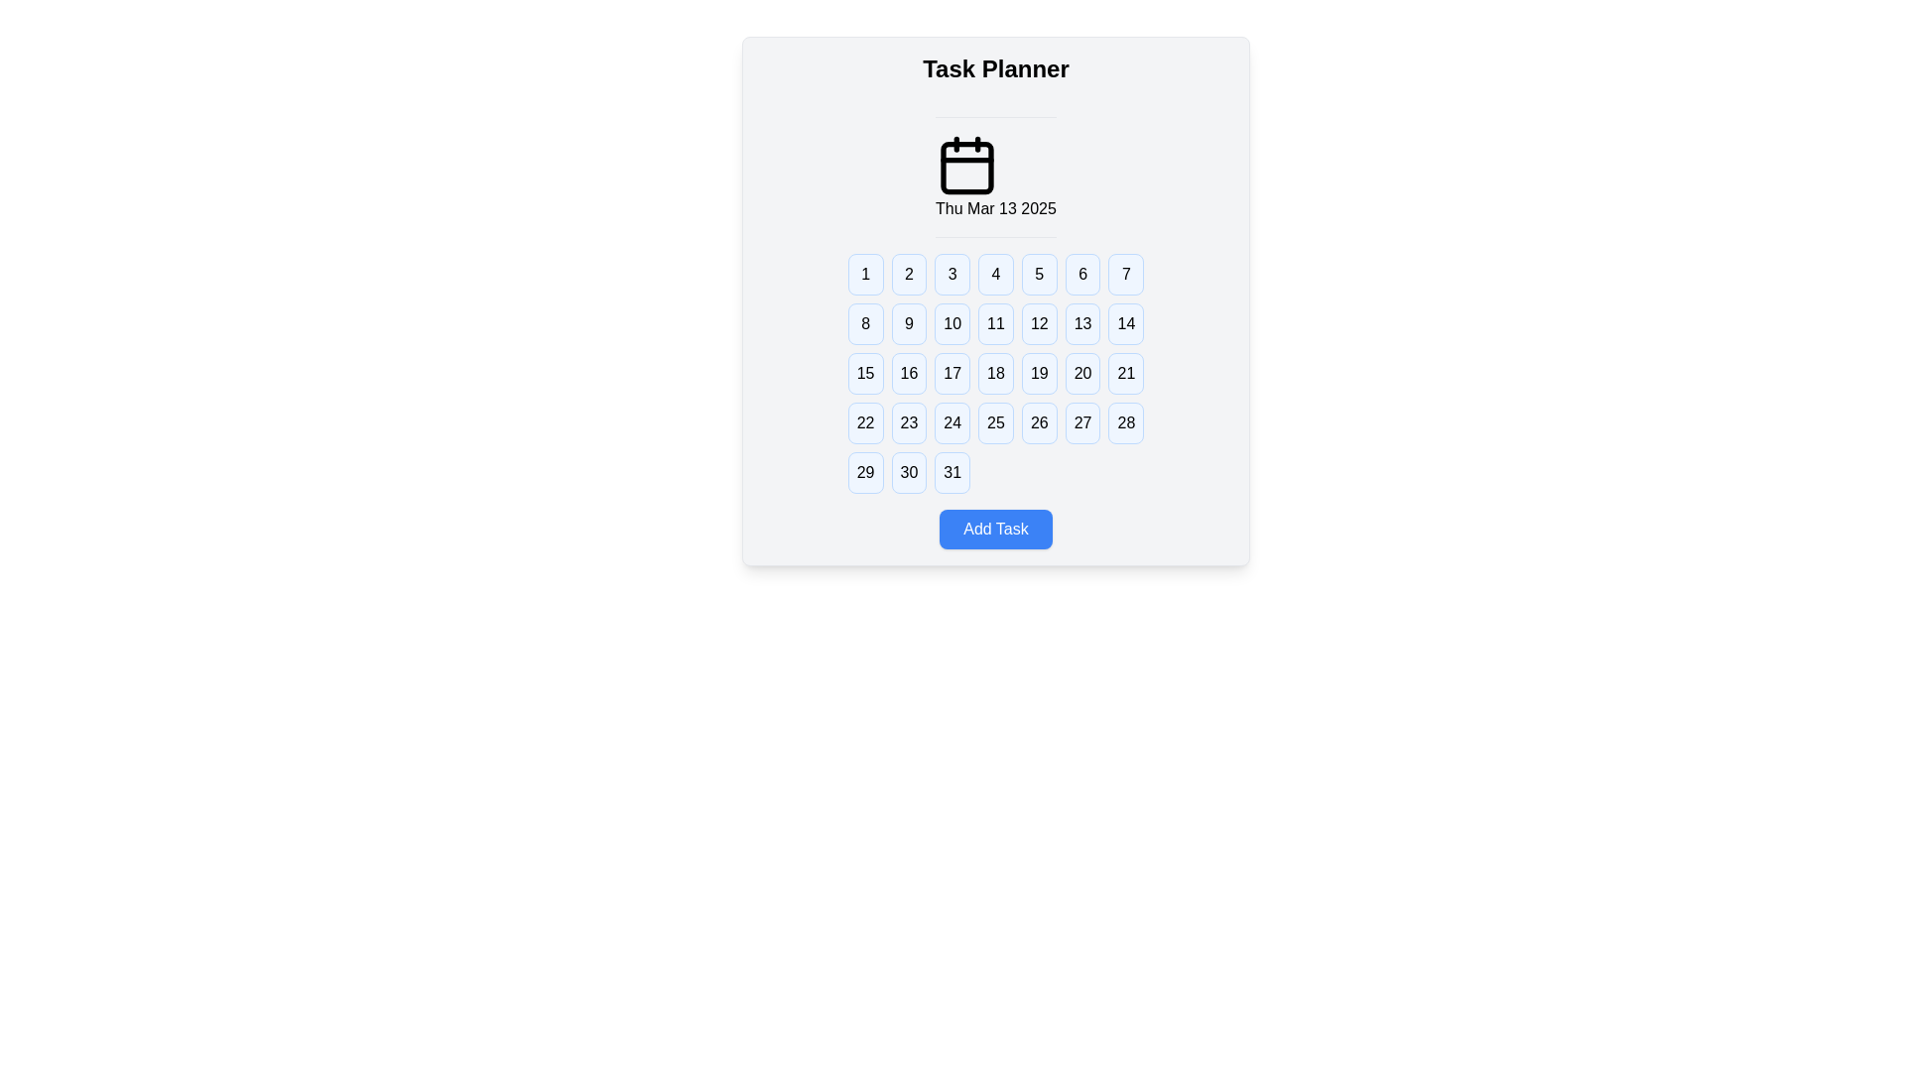 Image resolution: width=1905 pixels, height=1071 pixels. What do you see at coordinates (952, 275) in the screenshot?
I see `the calendar date button representing day '3', located in the second column of the first row of a 7-column grid layout below the date display` at bounding box center [952, 275].